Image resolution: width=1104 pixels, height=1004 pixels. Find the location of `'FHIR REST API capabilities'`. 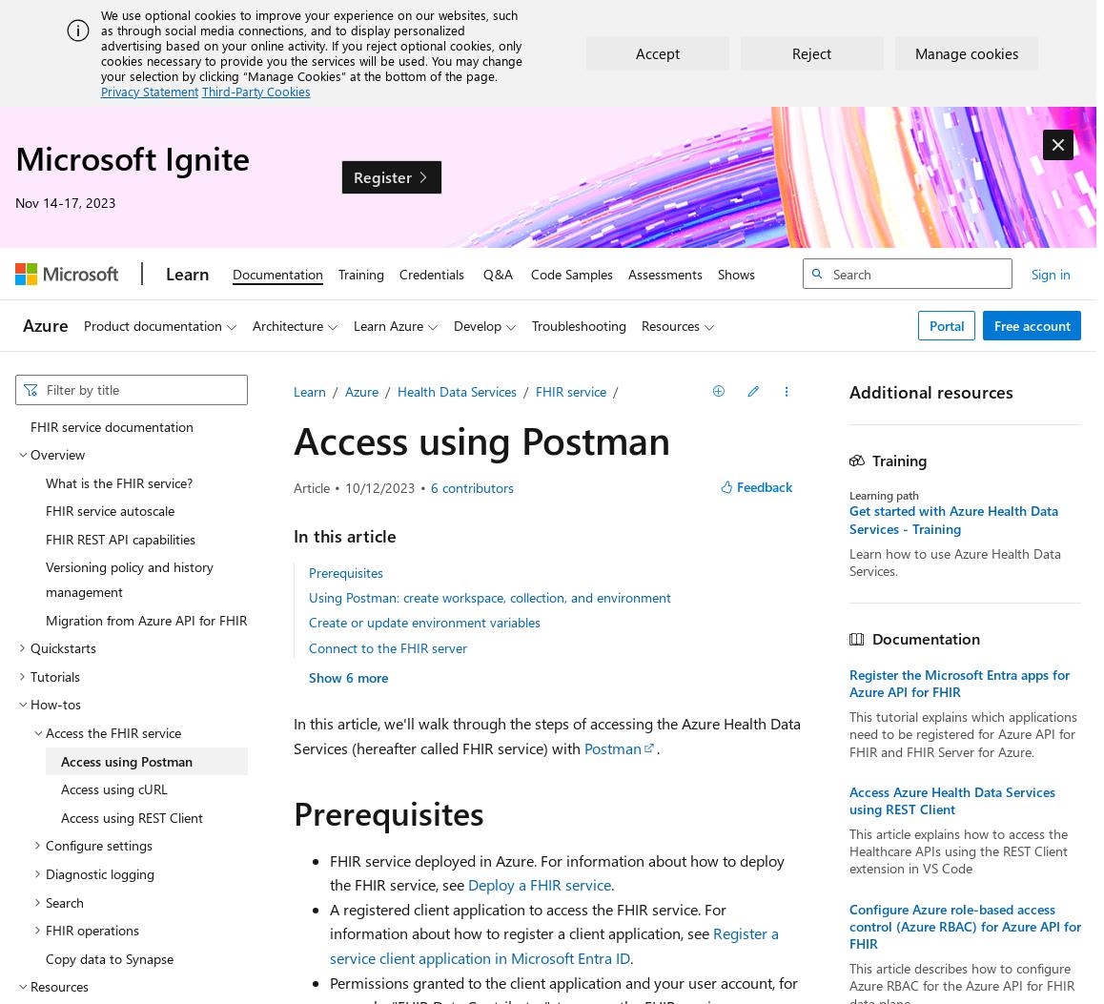

'FHIR REST API capabilities' is located at coordinates (119, 537).